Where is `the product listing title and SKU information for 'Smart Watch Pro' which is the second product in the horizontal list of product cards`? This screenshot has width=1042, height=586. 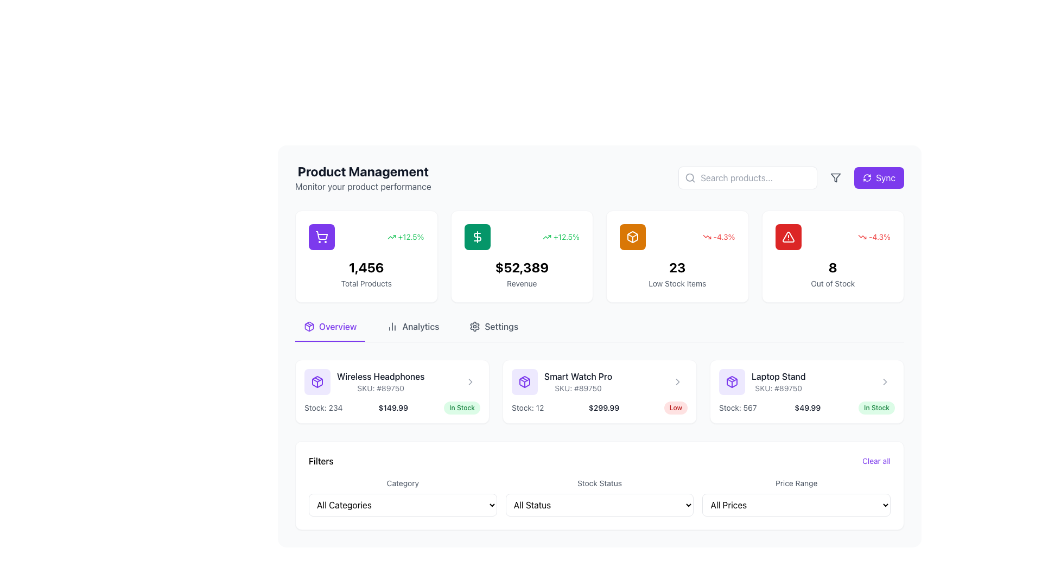
the product listing title and SKU information for 'Smart Watch Pro' which is the second product in the horizontal list of product cards is located at coordinates (577, 381).